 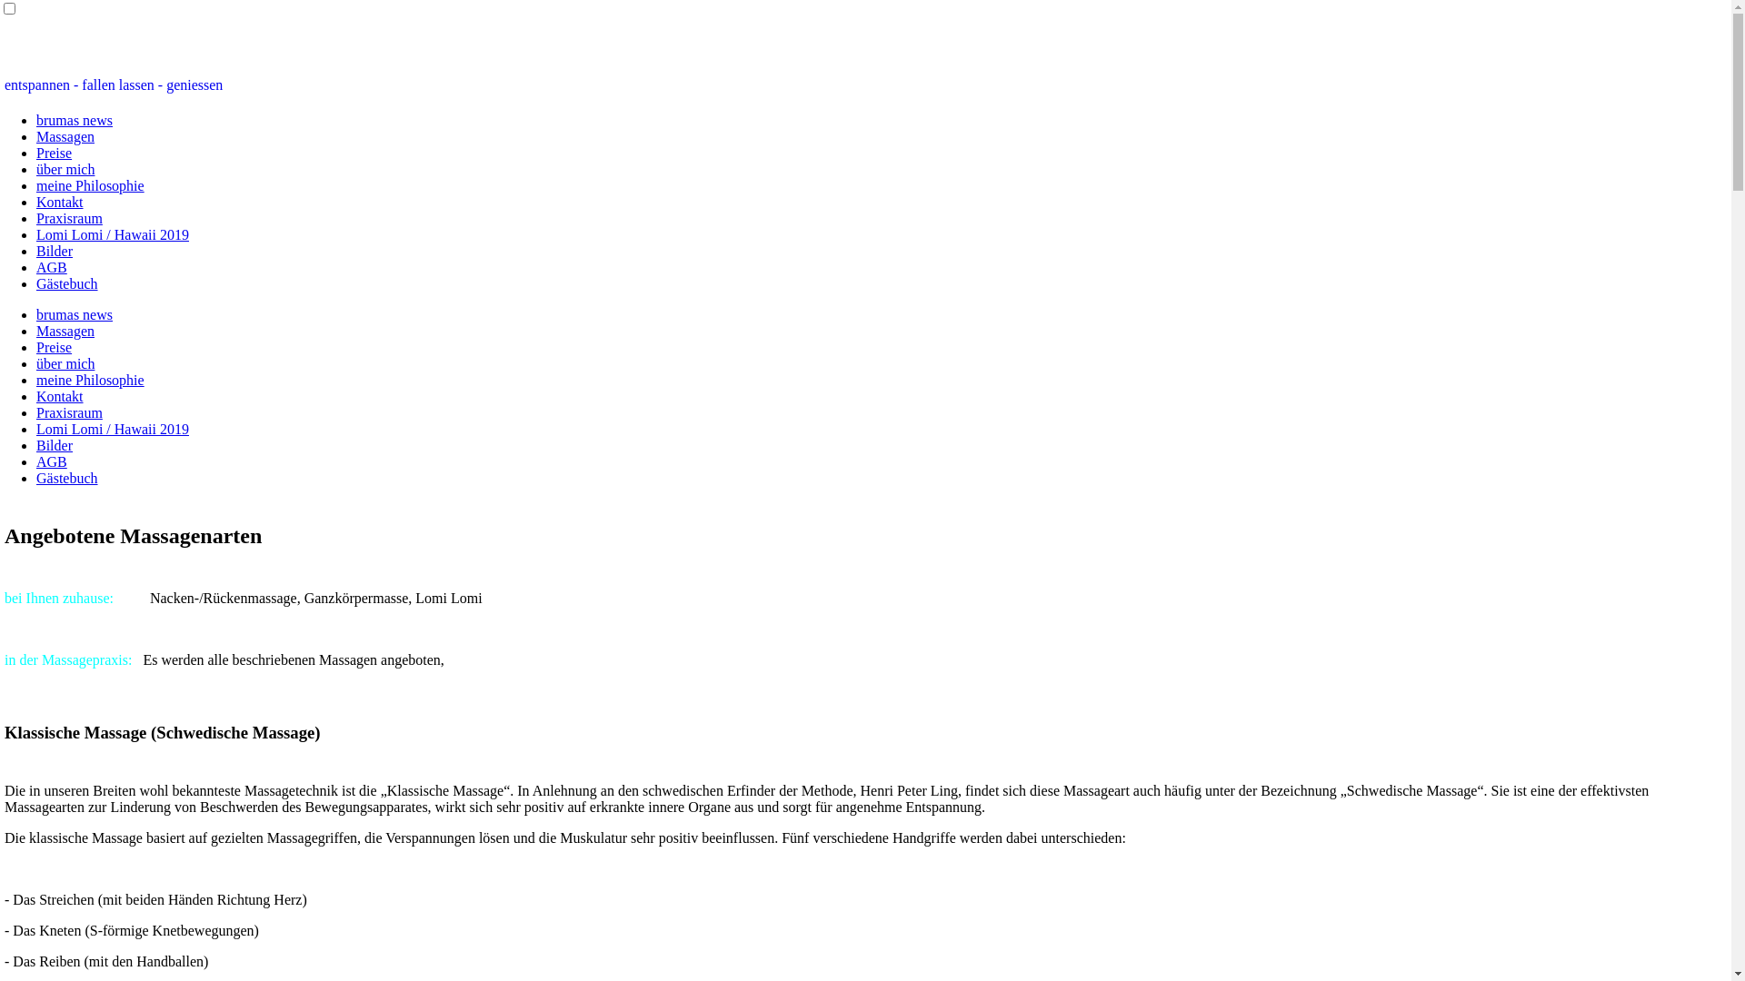 I want to click on 'brumas news', so click(x=35, y=120).